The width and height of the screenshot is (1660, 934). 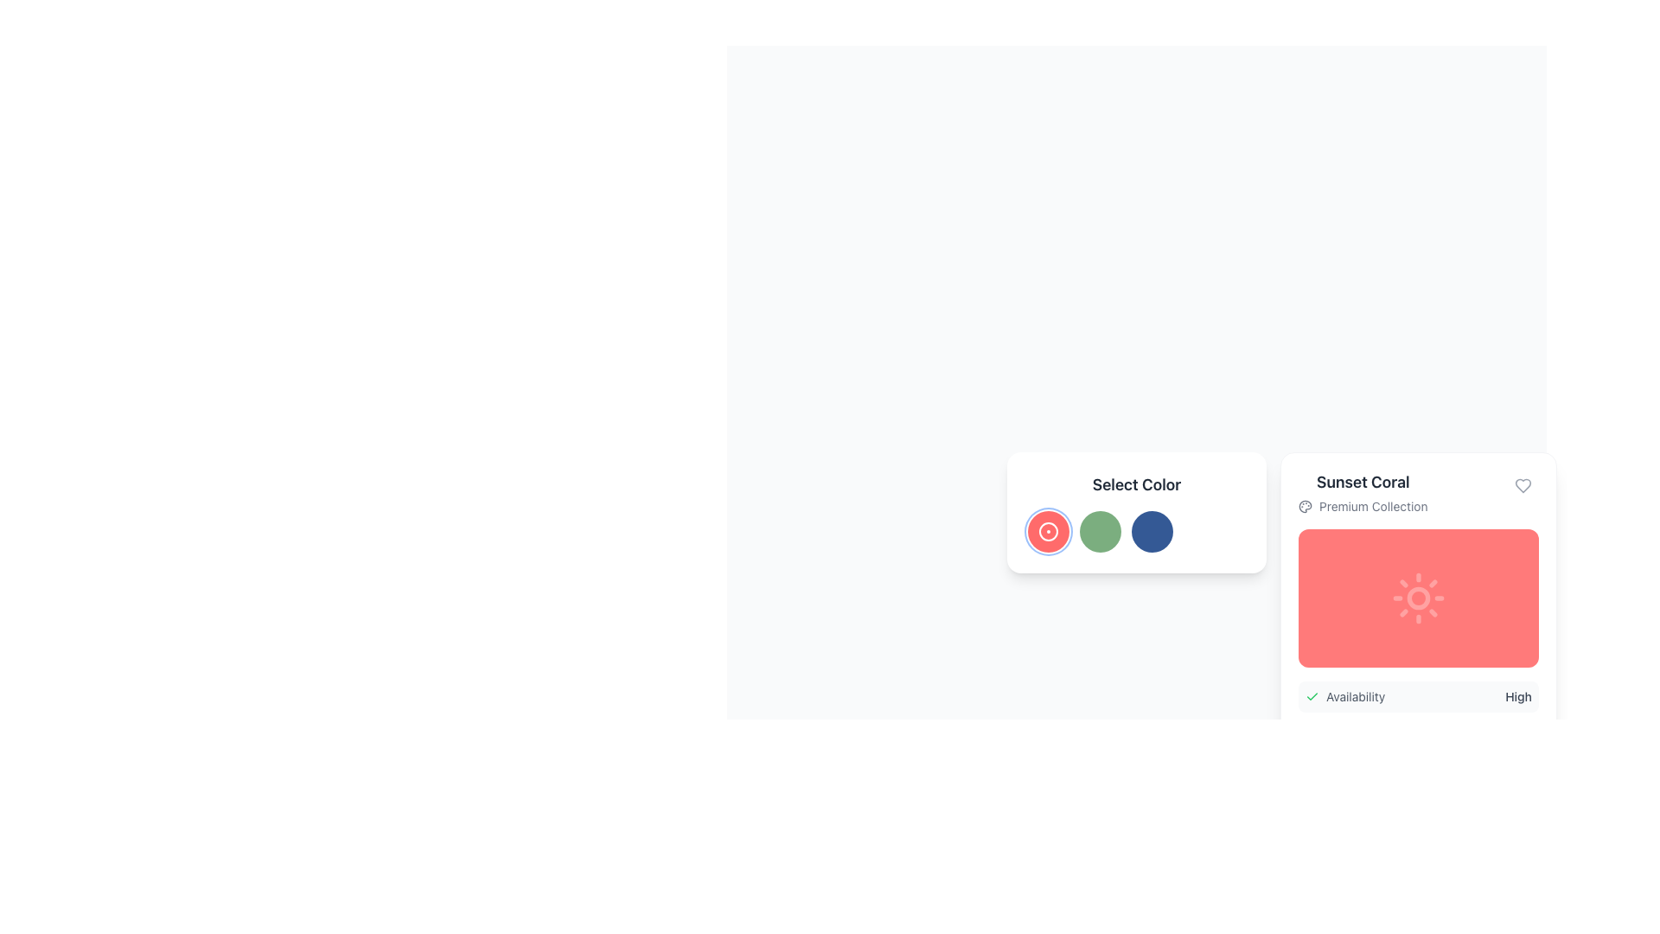 What do you see at coordinates (1372, 506) in the screenshot?
I see `the premium Text Label that indicates special categorization, located next to the 'Sunset Coral' label` at bounding box center [1372, 506].